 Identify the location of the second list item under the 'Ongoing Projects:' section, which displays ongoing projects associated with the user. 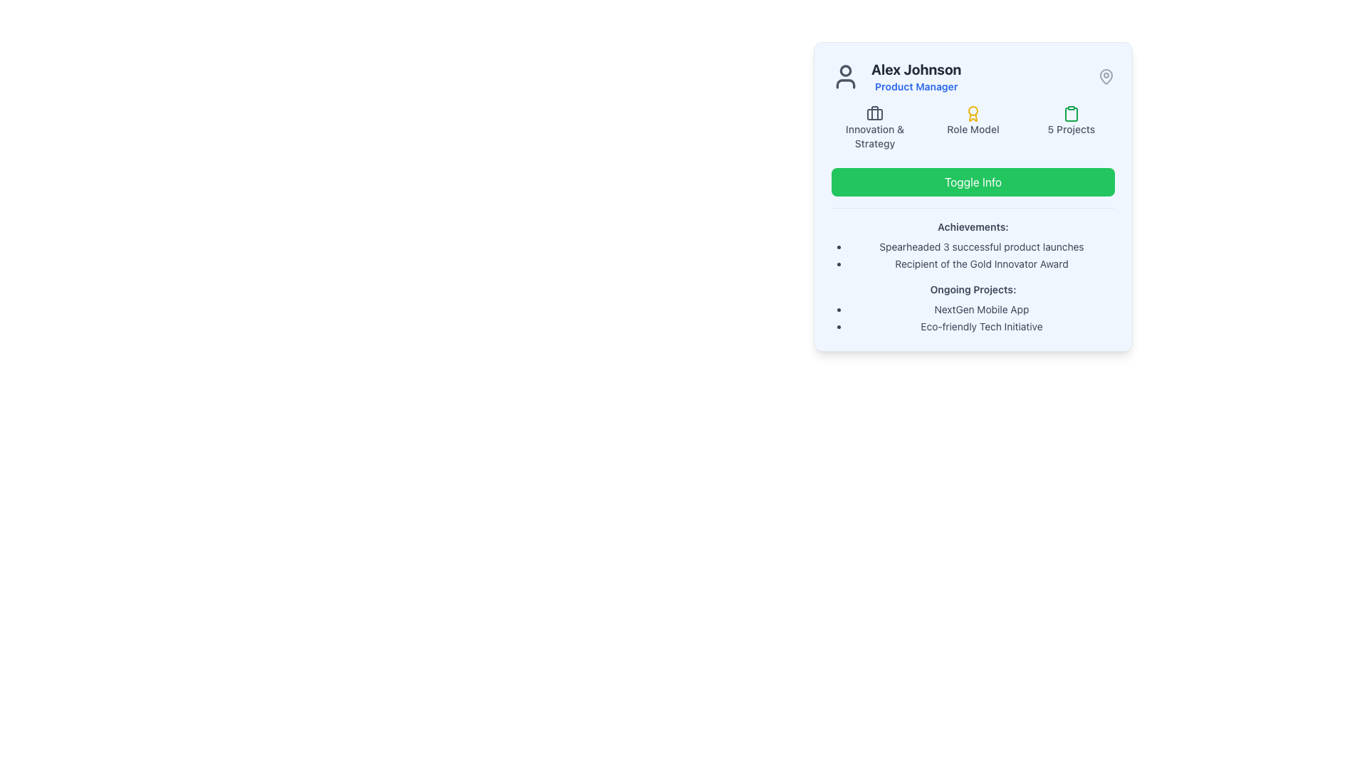
(973, 318).